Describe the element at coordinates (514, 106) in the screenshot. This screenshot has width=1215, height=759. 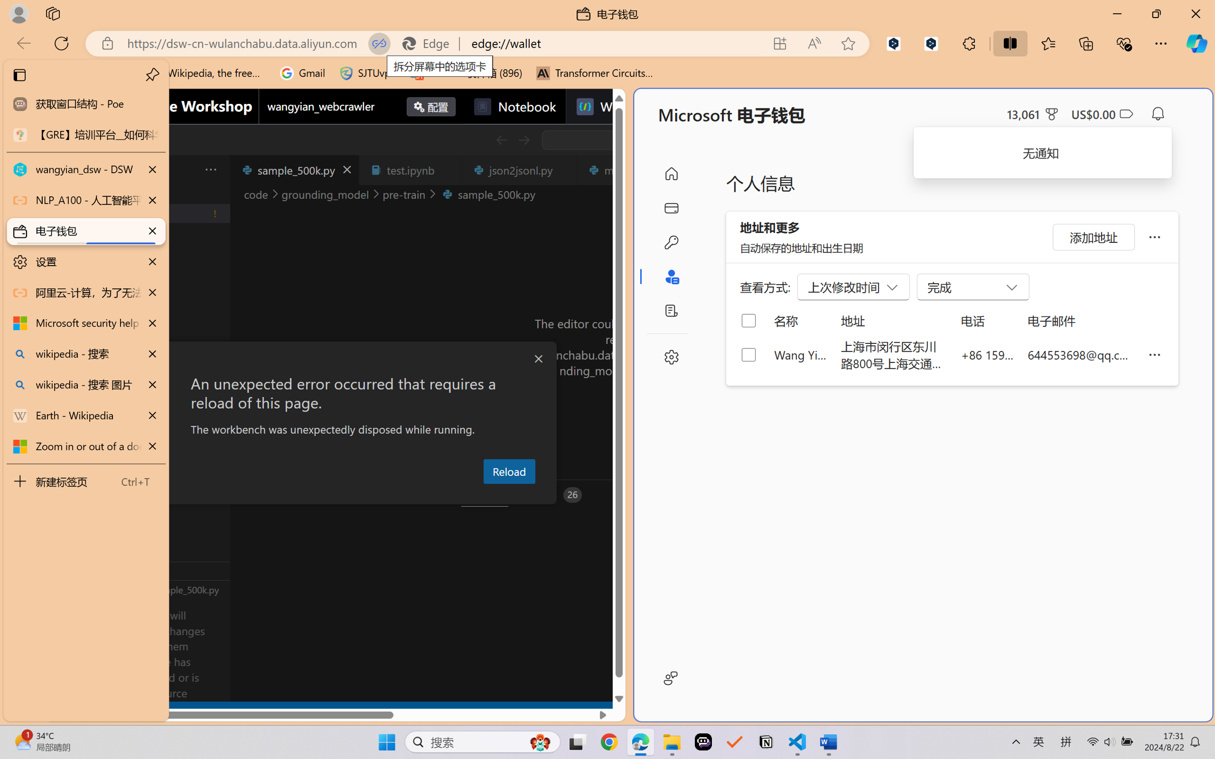
I see `'Notebook'` at that location.